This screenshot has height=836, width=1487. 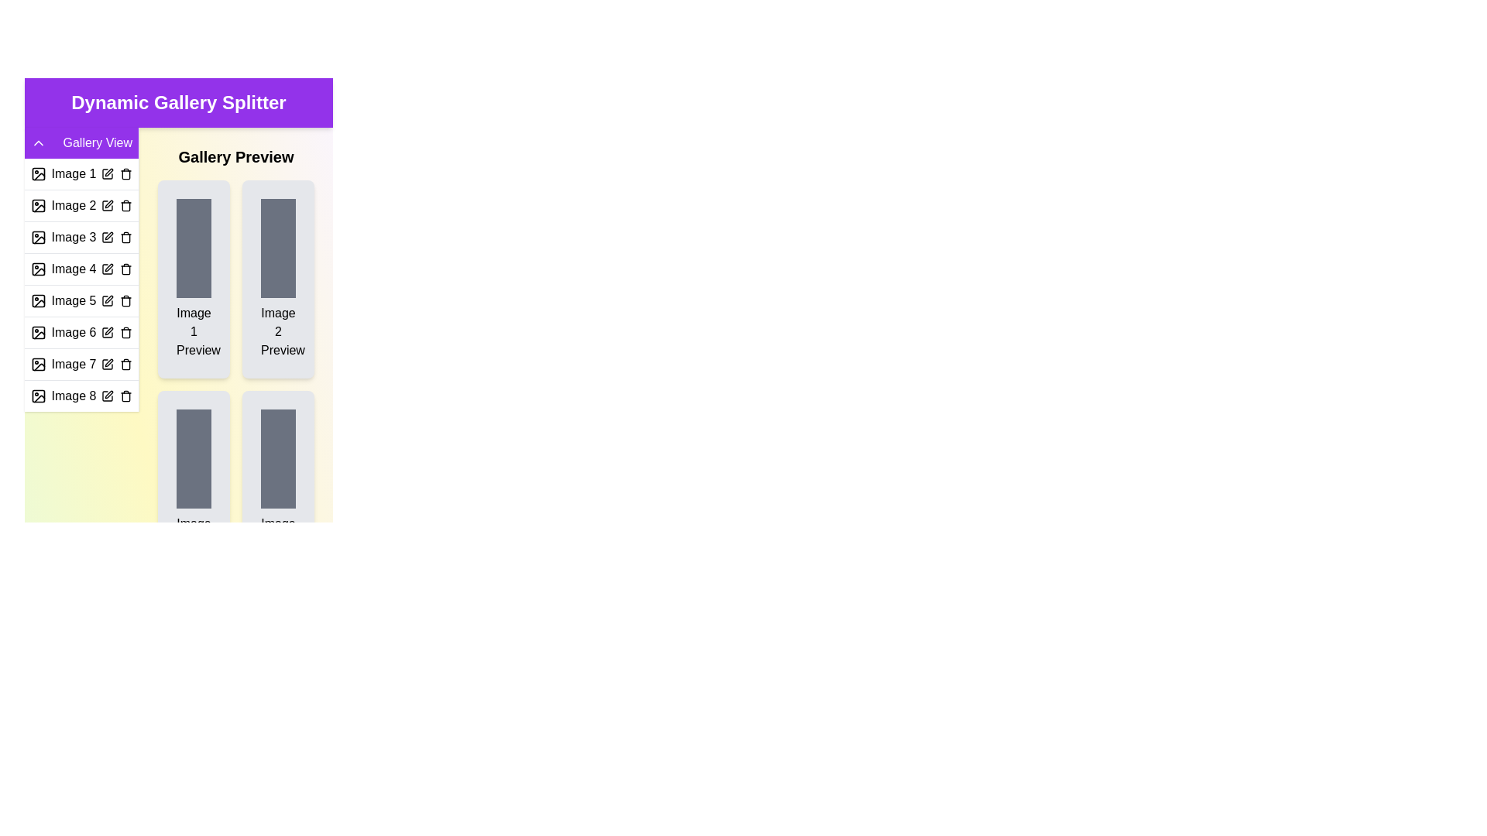 I want to click on the editing tool icon button for 'Image 3', so click(x=107, y=238).